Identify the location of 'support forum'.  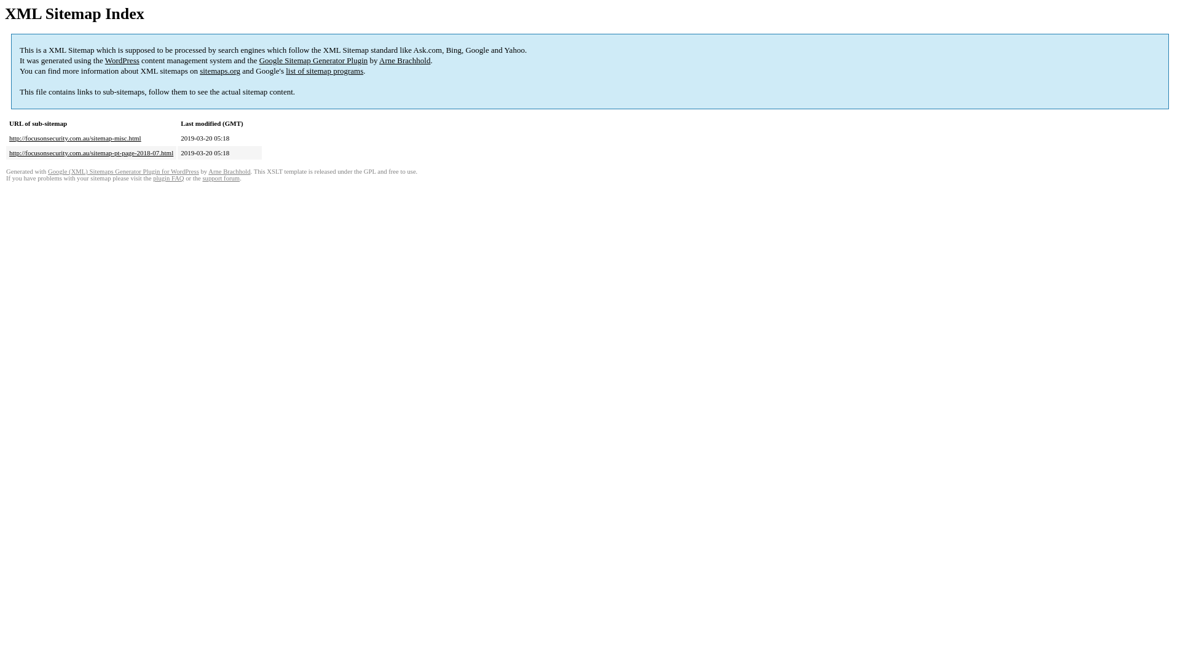
(221, 178).